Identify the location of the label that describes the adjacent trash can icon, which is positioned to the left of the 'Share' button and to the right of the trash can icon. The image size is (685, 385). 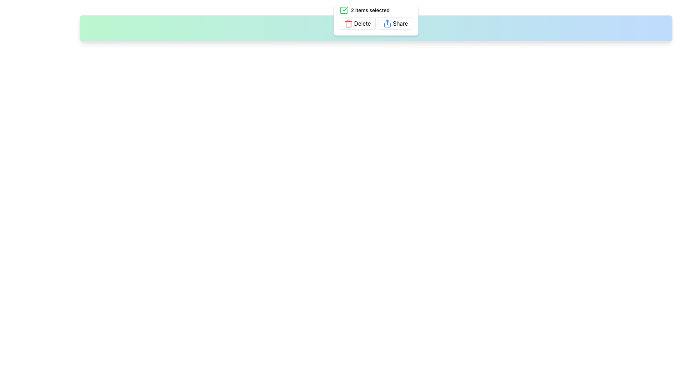
(362, 23).